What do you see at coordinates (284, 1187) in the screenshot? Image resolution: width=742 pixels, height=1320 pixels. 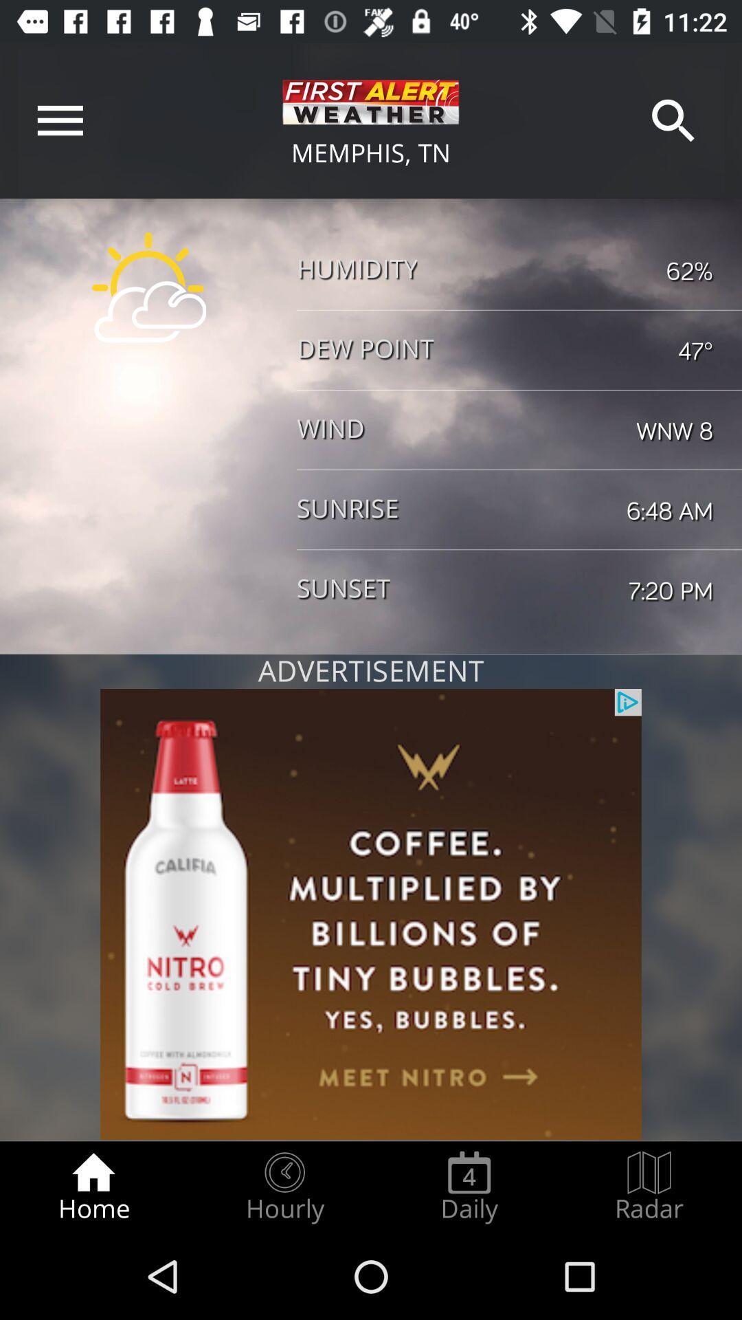 I see `the hourly item` at bounding box center [284, 1187].